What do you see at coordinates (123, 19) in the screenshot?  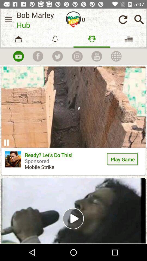 I see `previous` at bounding box center [123, 19].